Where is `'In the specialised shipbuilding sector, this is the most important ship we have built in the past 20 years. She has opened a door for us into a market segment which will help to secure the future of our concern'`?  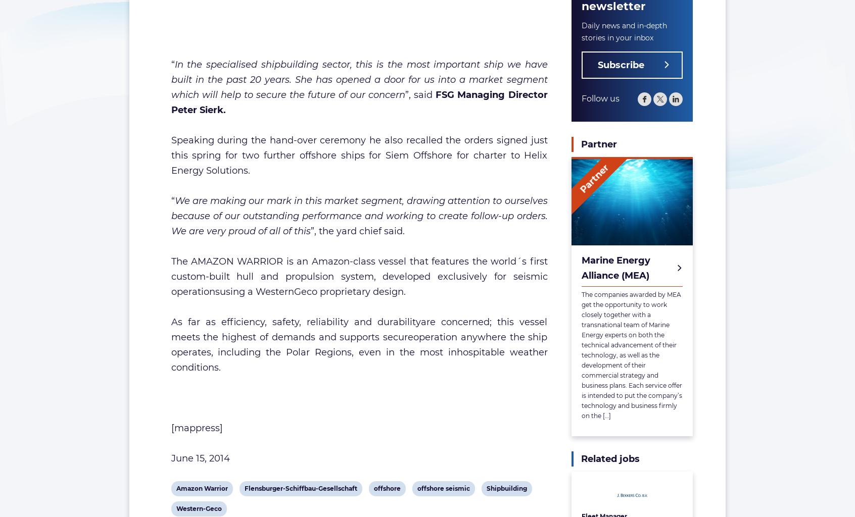 'In the specialised shipbuilding sector, this is the most important ship we have built in the past 20 years. She has opened a door for us into a market segment which will help to secure the future of our concern' is located at coordinates (358, 79).